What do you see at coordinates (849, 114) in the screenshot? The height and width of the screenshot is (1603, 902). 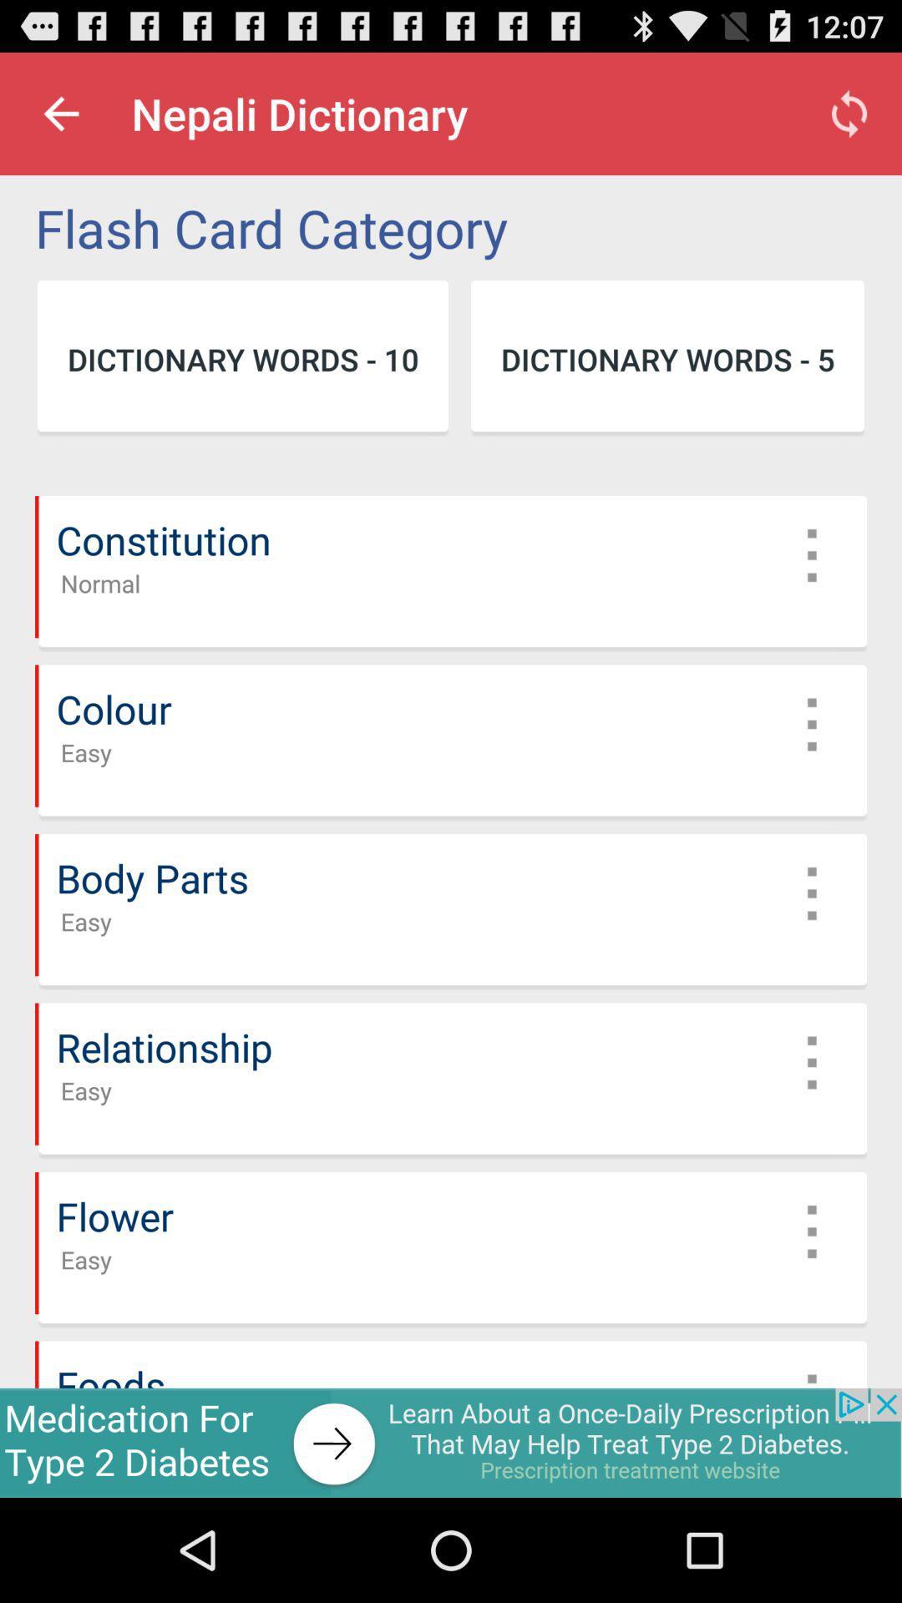 I see `refresh button on top right of page` at bounding box center [849, 114].